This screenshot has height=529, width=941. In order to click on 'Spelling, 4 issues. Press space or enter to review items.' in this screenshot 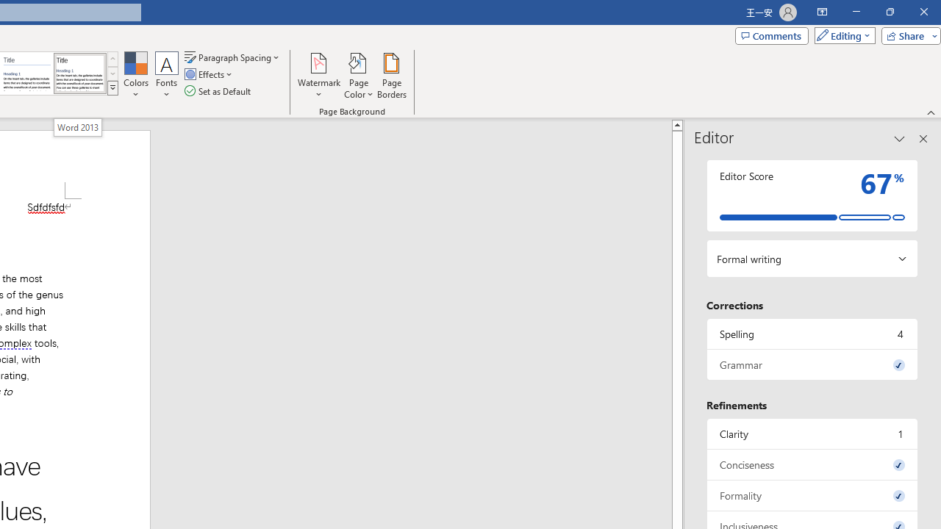, I will do `click(812, 334)`.